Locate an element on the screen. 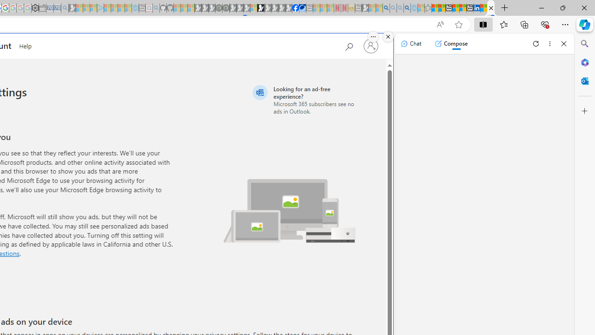  'Illustration of multiple devices' is located at coordinates (289, 210).